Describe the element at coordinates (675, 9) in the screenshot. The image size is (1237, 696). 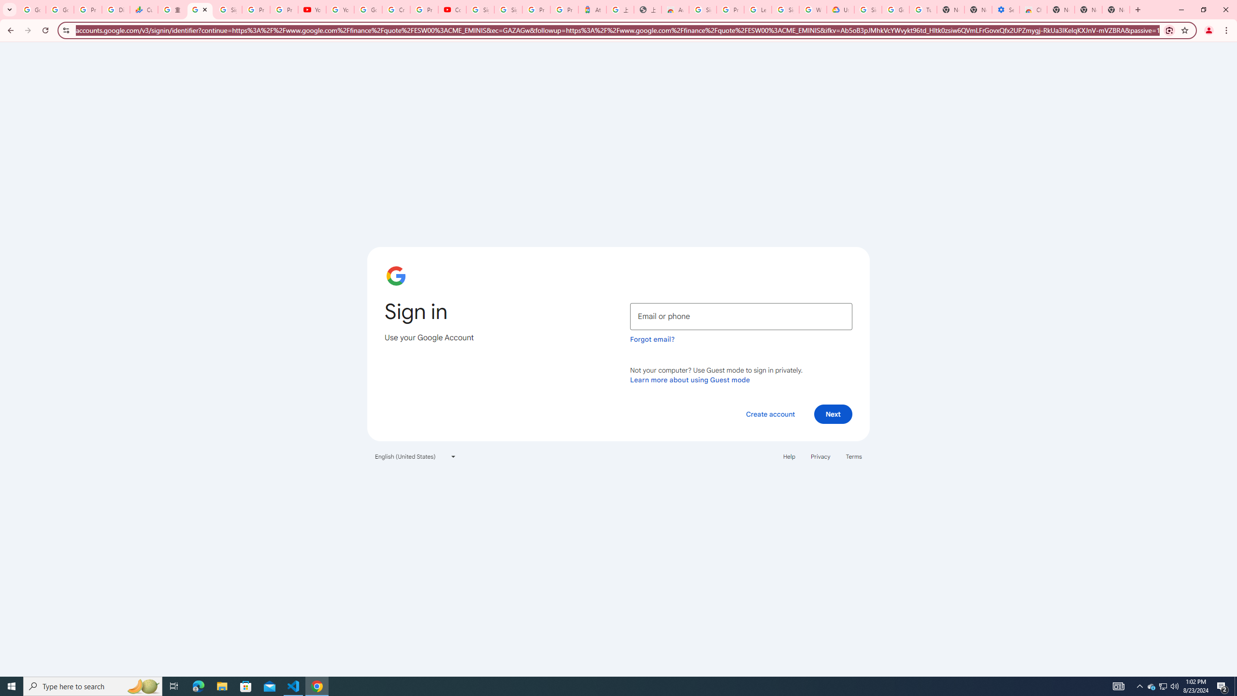
I see `'Awesome Screen Recorder & Screenshot - Chrome Web Store'` at that location.